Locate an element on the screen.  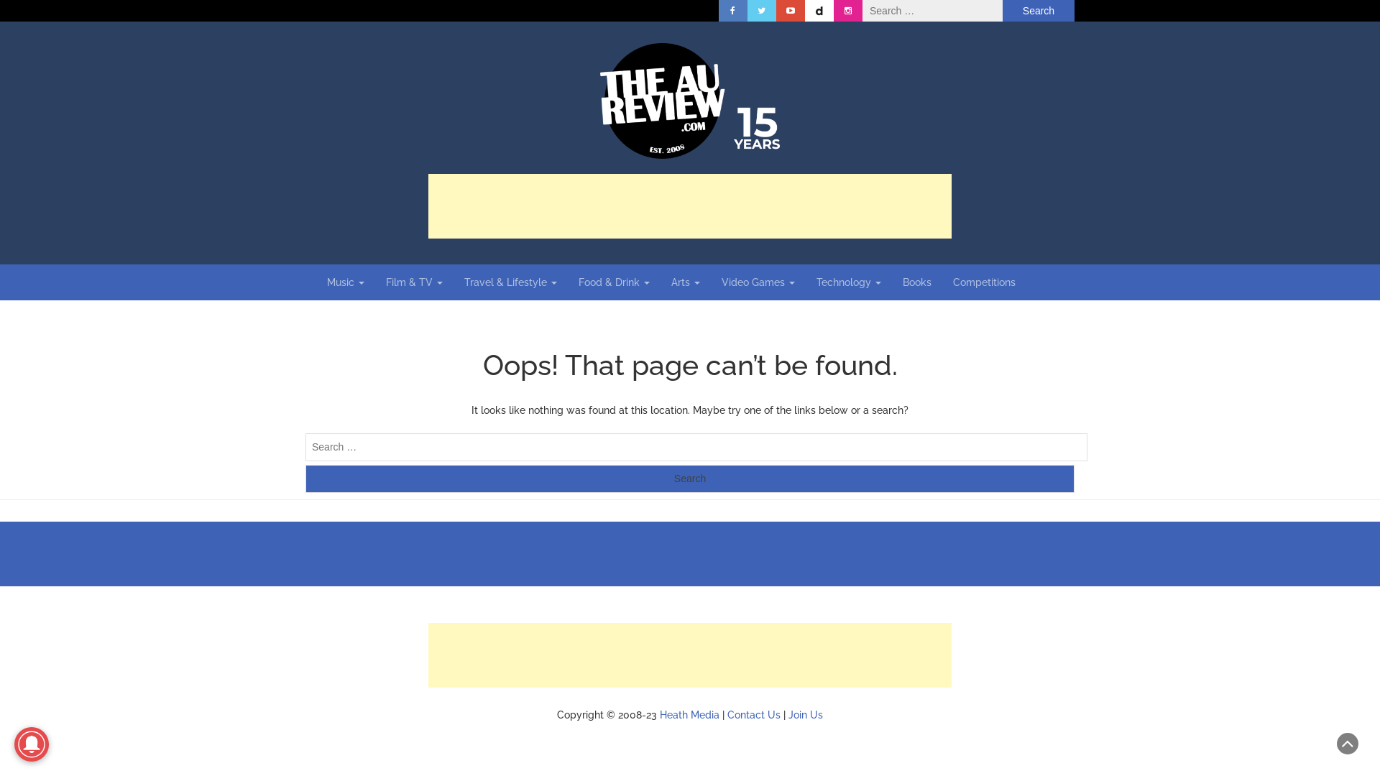
'Travel & Lifestyle' is located at coordinates (510, 282).